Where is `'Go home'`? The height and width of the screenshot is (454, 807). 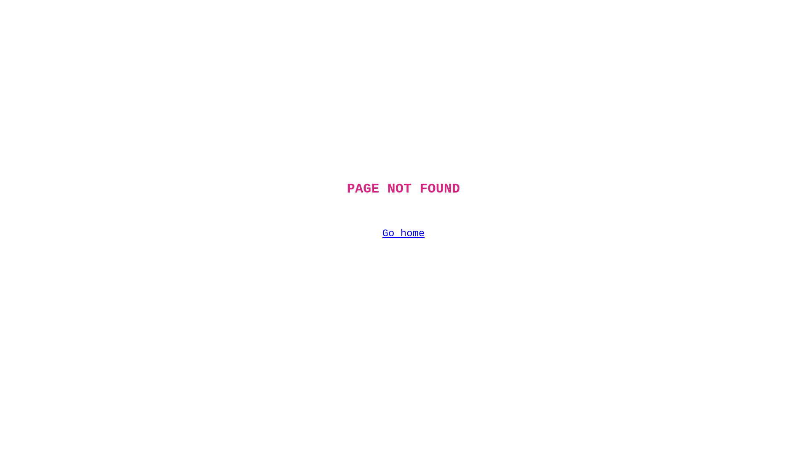
'Go home' is located at coordinates (403, 233).